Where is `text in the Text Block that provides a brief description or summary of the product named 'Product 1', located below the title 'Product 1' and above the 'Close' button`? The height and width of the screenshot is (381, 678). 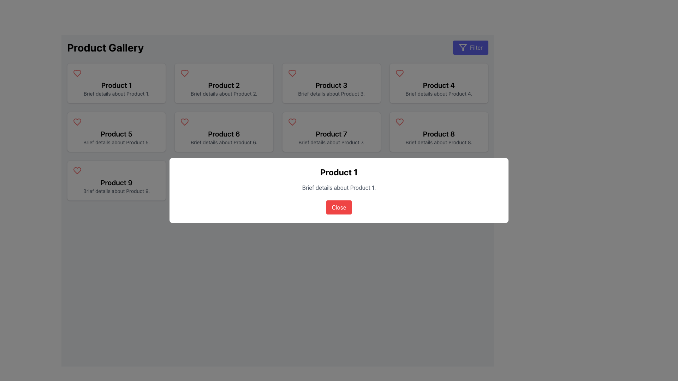 text in the Text Block that provides a brief description or summary of the product named 'Product 1', located below the title 'Product 1' and above the 'Close' button is located at coordinates (339, 187).